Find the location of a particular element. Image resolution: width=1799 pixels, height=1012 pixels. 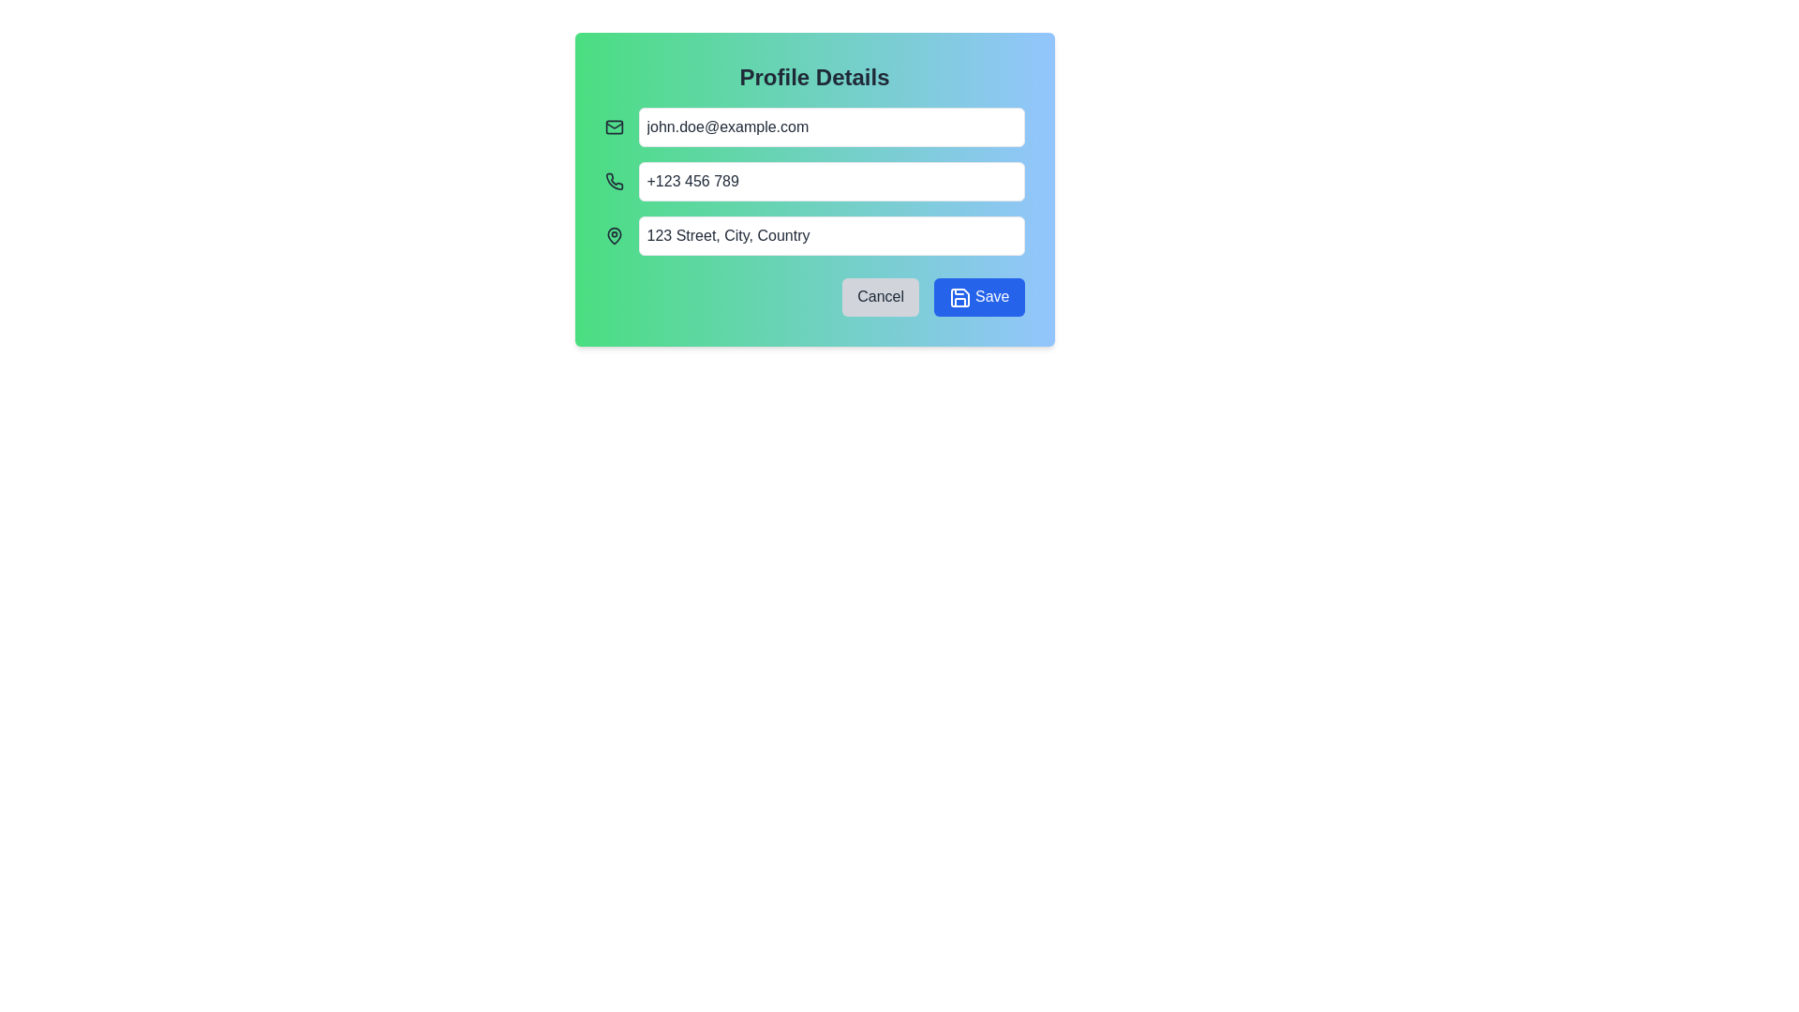

the icon representing the phone number information is located at coordinates (614, 181).